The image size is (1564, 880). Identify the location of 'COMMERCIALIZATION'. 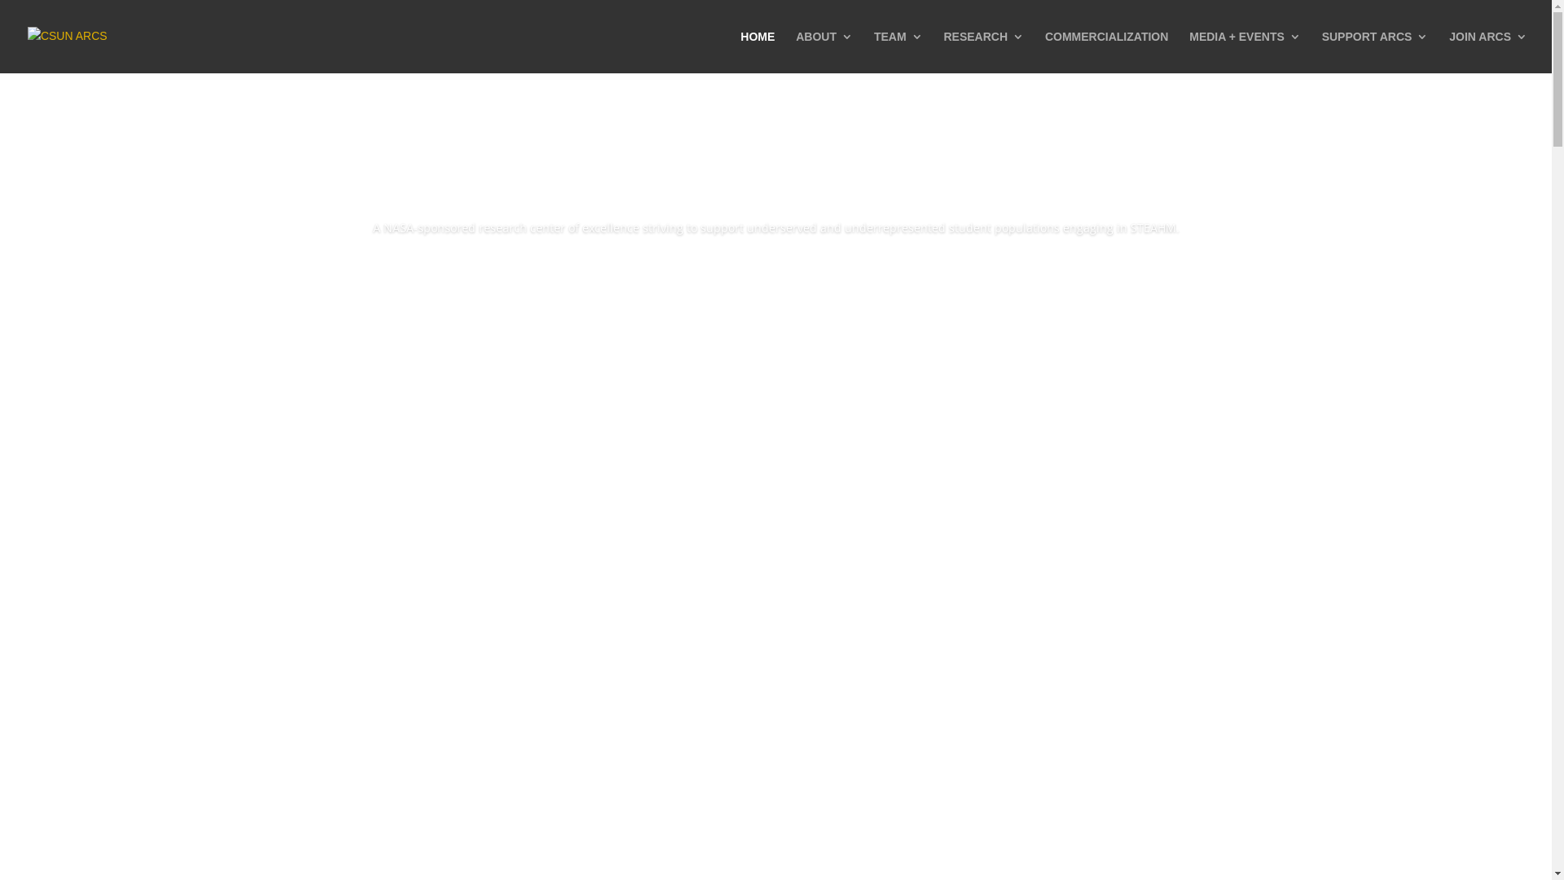
(1106, 51).